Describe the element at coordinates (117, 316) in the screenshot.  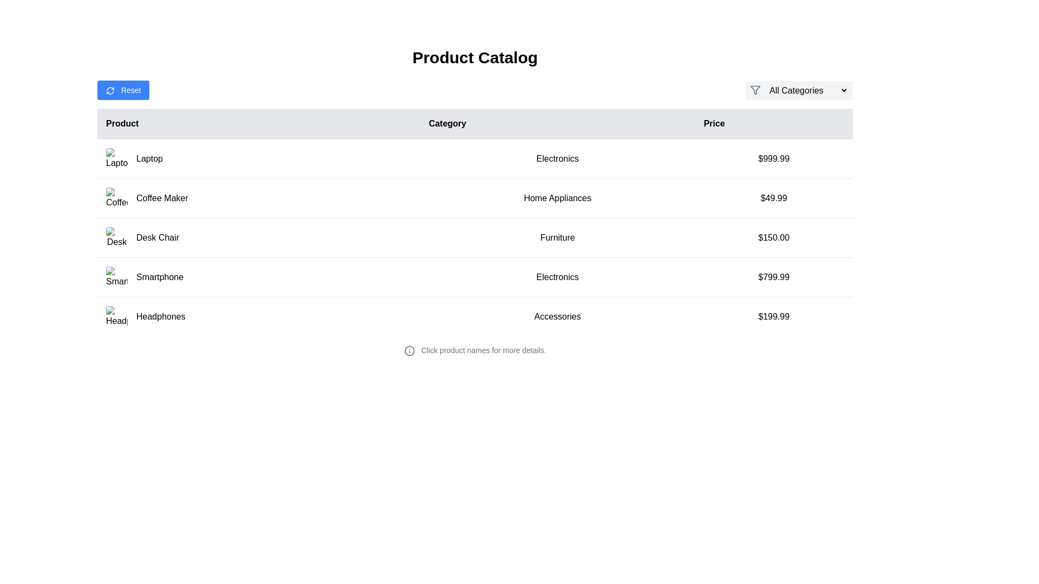
I see `the product image representing headphones, which is the leftmost item in the 'Headphones' row under the 'Product Catalog' section` at that location.